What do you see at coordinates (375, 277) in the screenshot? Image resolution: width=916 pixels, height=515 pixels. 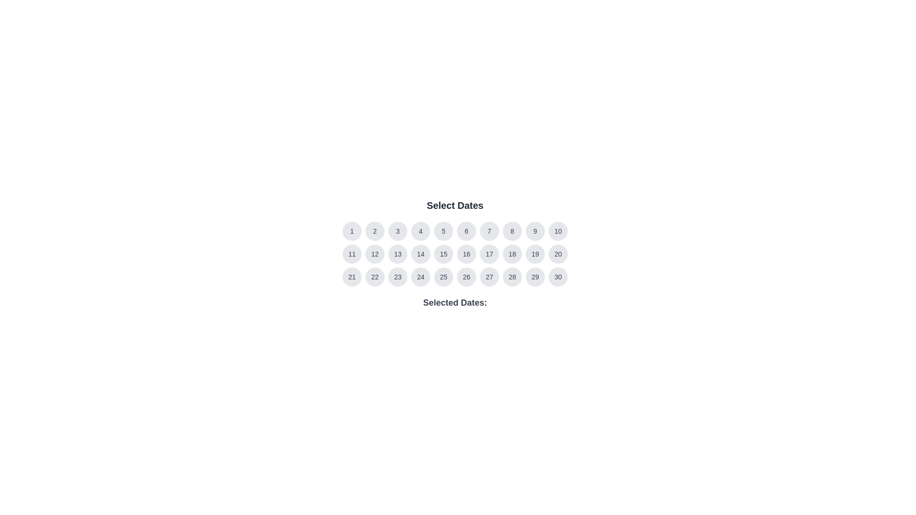 I see `the button labeled '22' located in the last row of the grid of selectable circular buttons` at bounding box center [375, 277].